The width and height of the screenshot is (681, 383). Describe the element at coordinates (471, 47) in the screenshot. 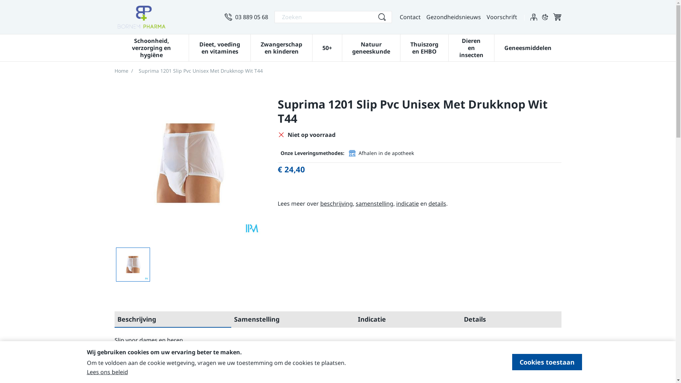

I see `'Dieren en insecten'` at that location.